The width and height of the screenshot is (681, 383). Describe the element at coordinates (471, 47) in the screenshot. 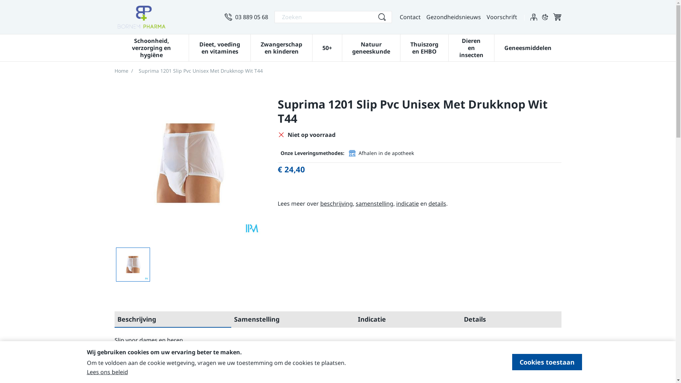

I see `'Dieren en insecten'` at that location.